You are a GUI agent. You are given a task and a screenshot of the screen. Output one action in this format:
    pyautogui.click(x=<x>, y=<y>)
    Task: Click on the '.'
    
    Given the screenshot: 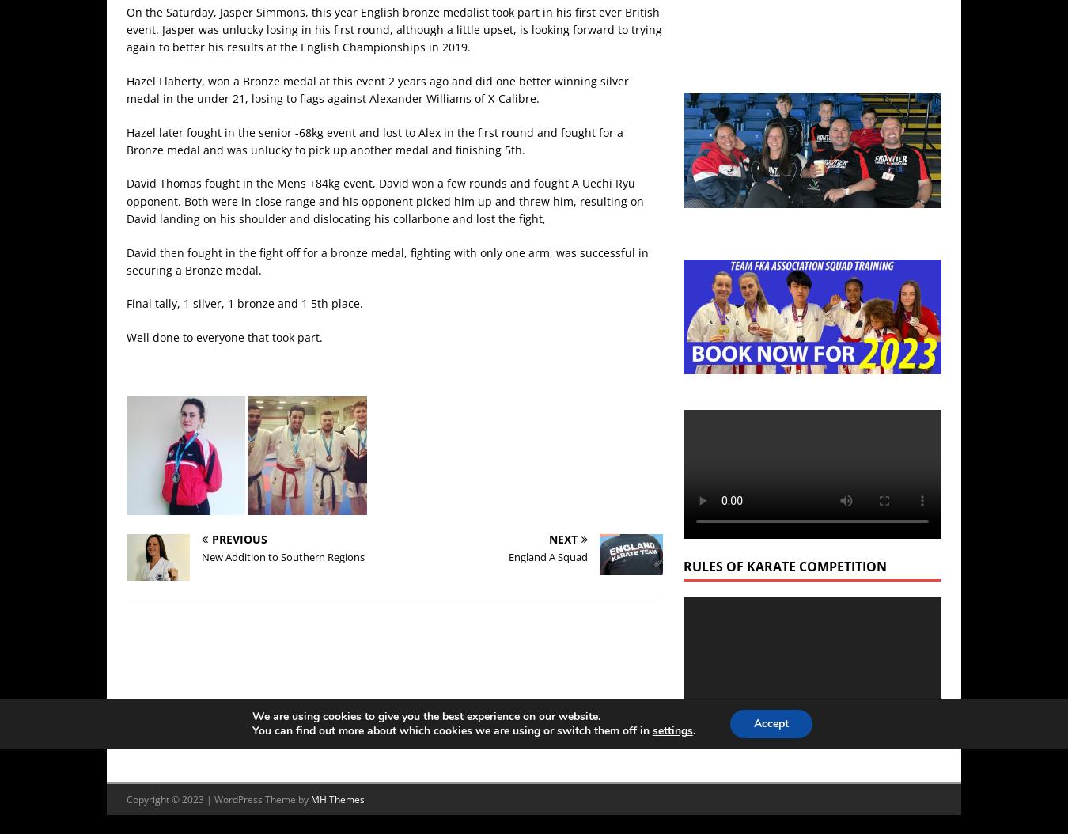 What is the action you would take?
    pyautogui.click(x=691, y=730)
    